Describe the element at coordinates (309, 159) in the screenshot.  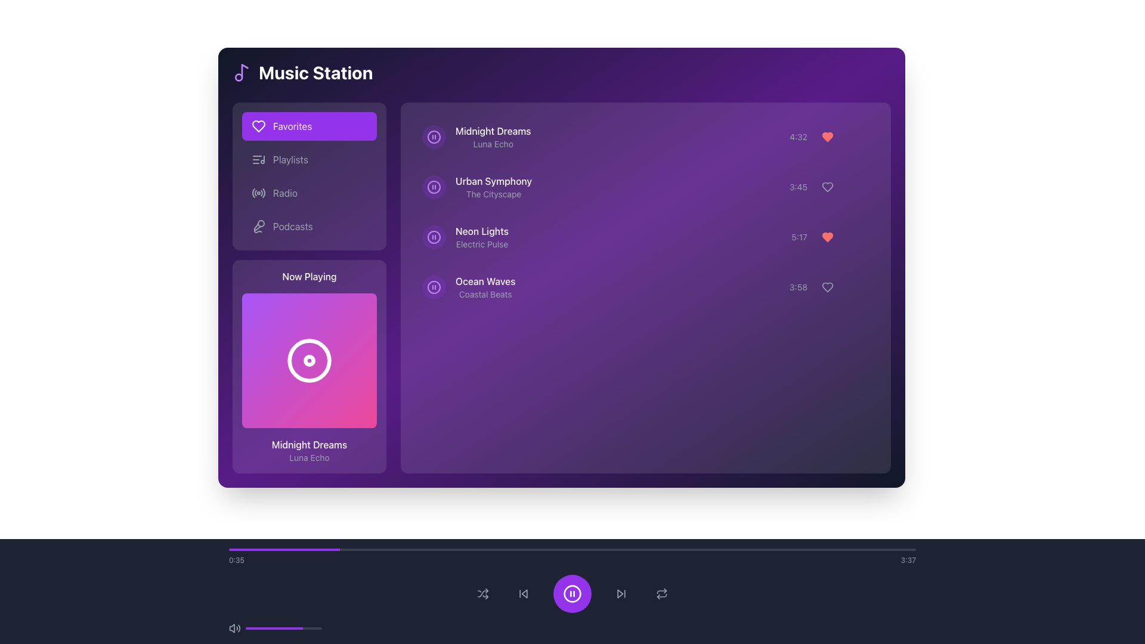
I see `the 'Playlists' button located in the sidebar, which is the second item in the vertical list of navigation options` at that location.